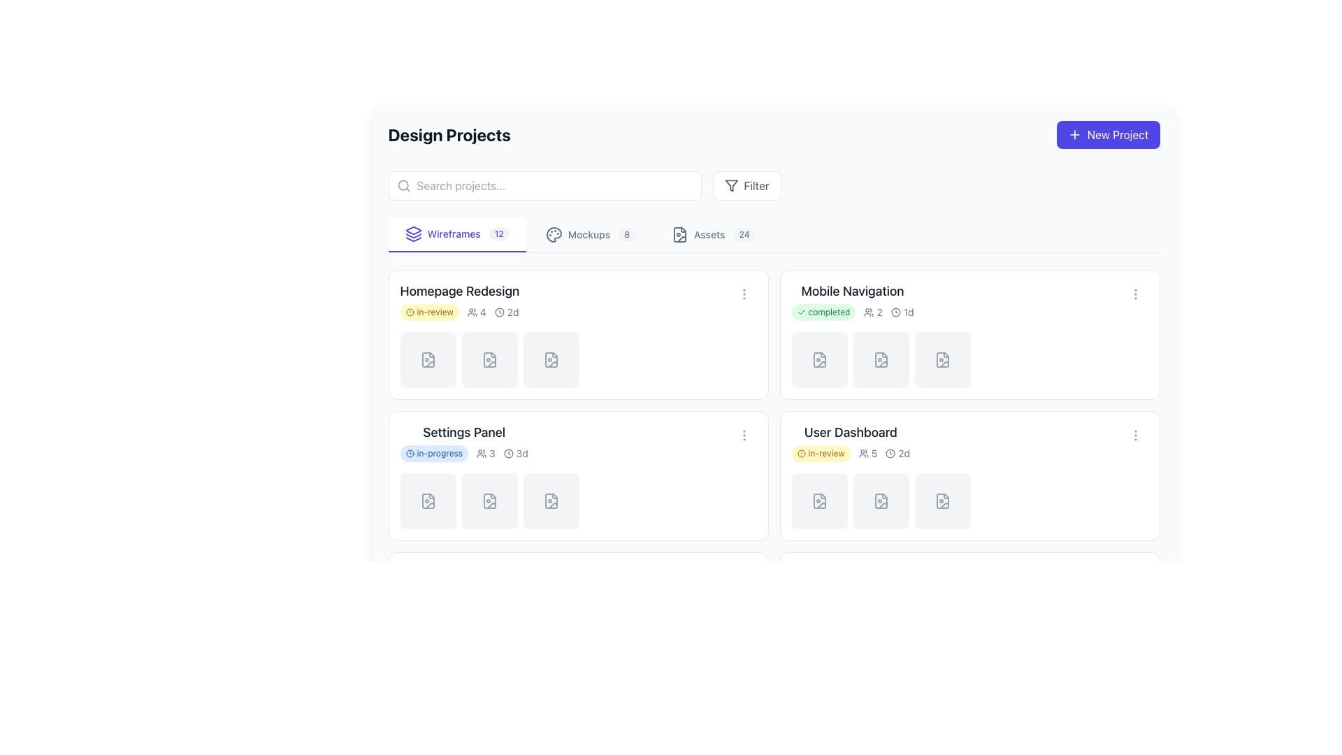 The image size is (1342, 755). Describe the element at coordinates (427, 359) in the screenshot. I see `the clickable icon for the 'Homepage Redesign' project` at that location.